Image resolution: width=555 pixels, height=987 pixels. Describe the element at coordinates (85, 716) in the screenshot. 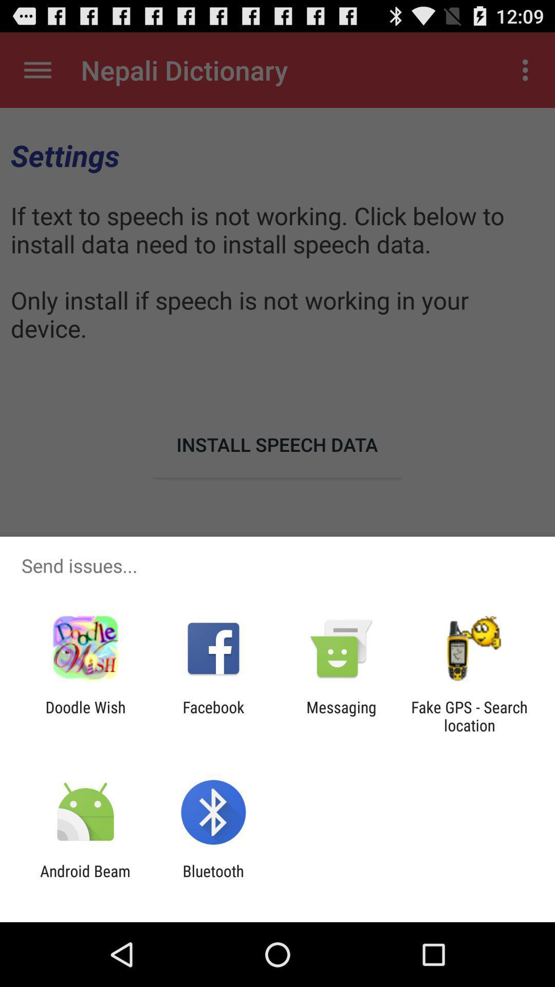

I see `the icon next to the facebook icon` at that location.